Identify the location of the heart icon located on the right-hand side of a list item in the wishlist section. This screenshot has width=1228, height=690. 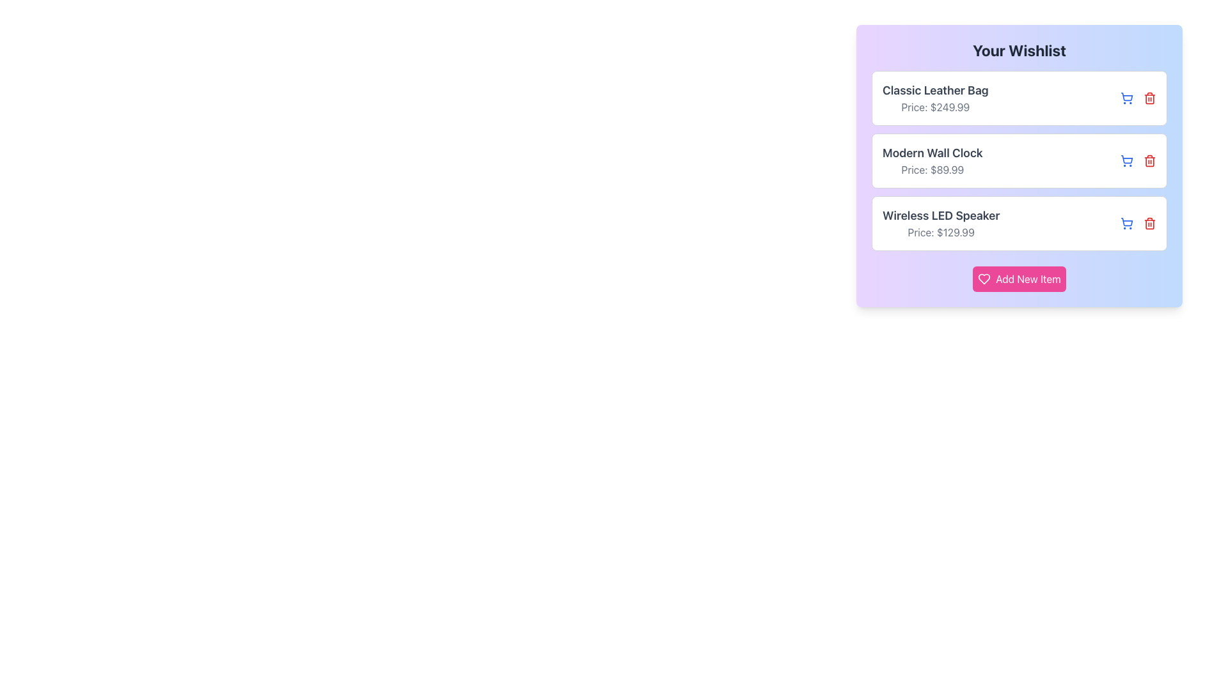
(984, 278).